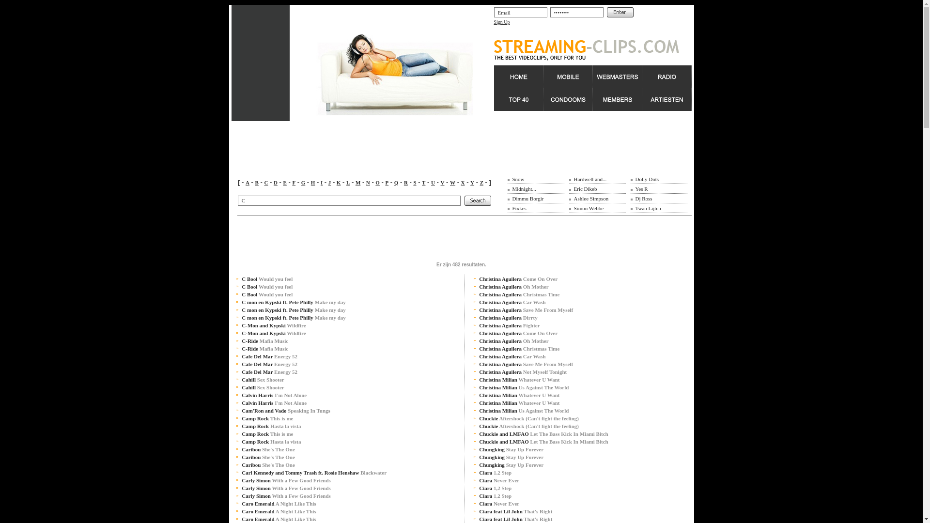  I want to click on 'Advertisement', so click(407, 237).